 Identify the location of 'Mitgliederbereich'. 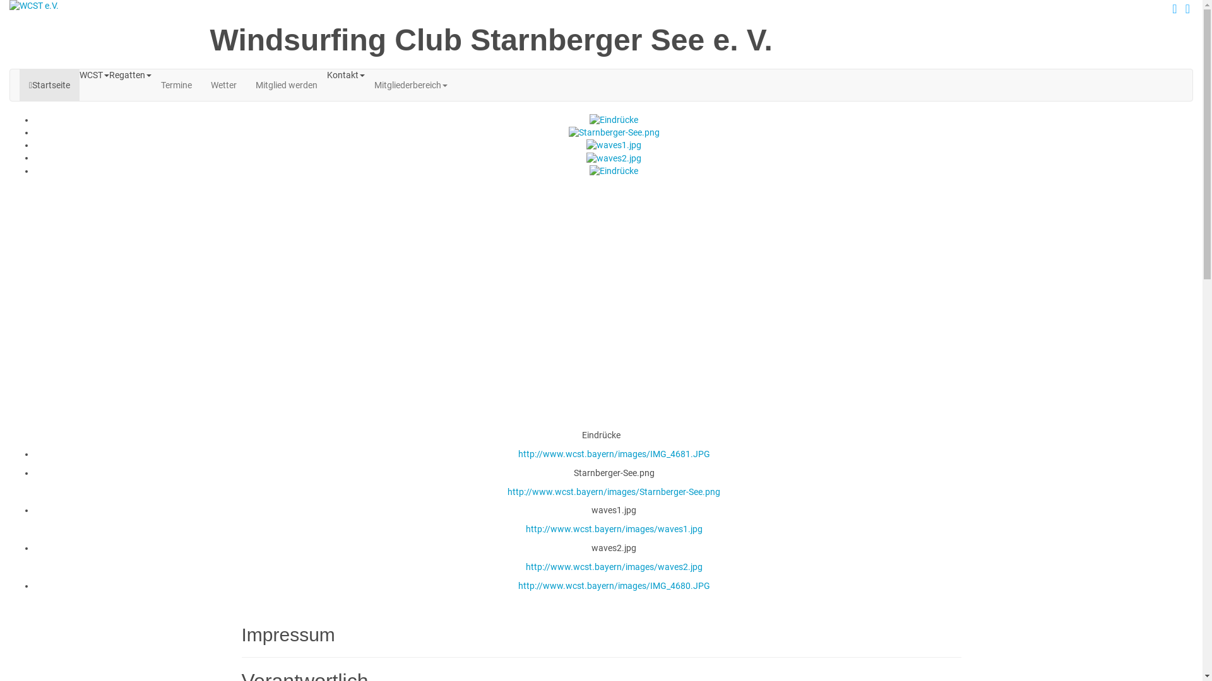
(411, 85).